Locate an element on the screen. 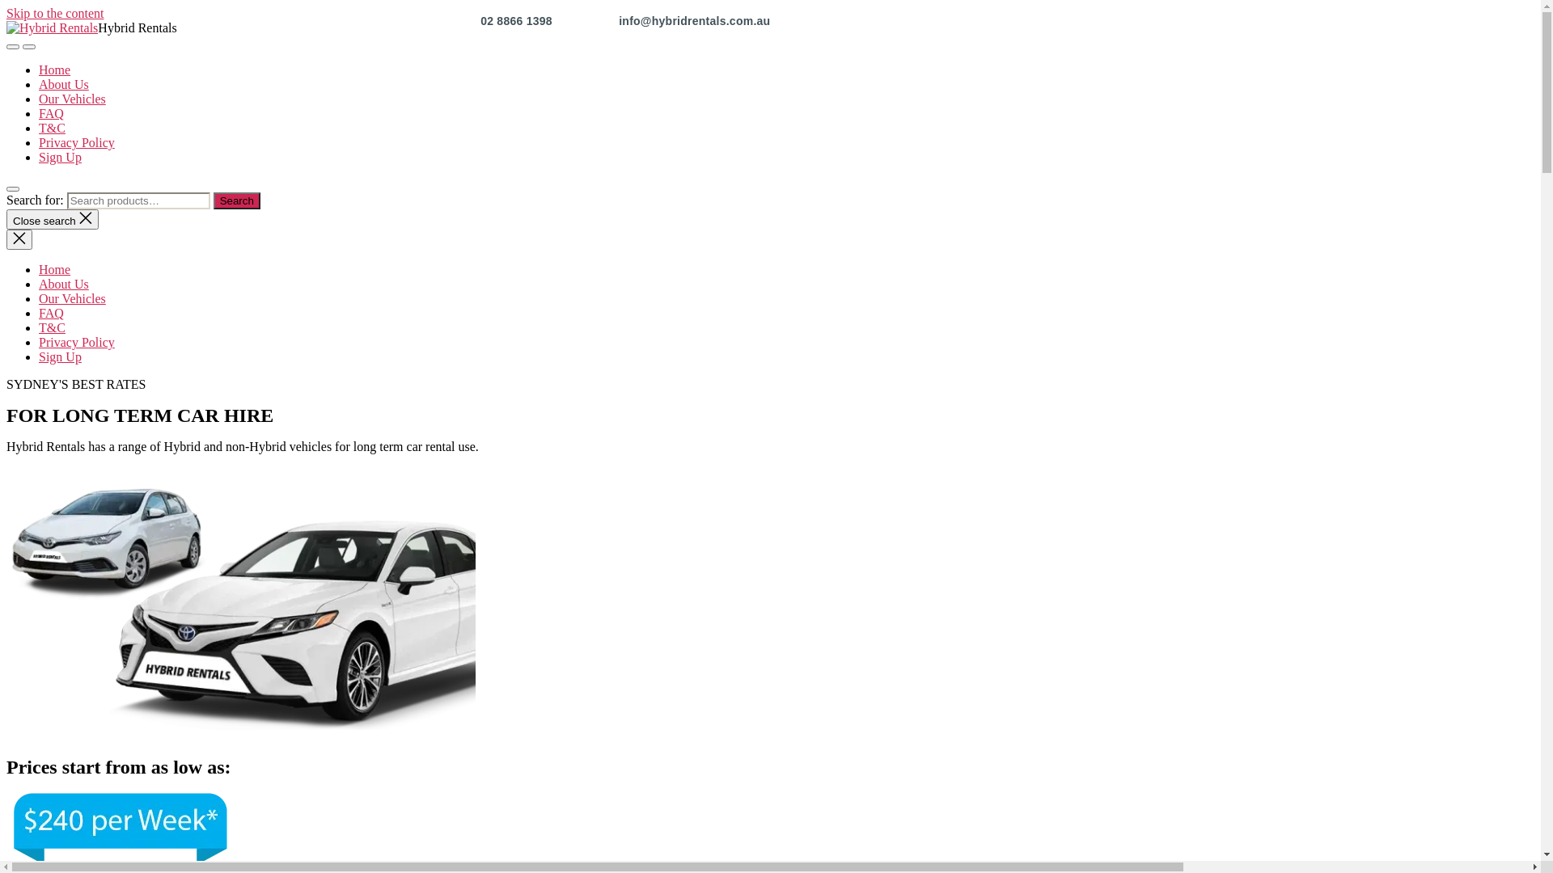 This screenshot has width=1553, height=873. 'Skip to the content' is located at coordinates (54, 13).